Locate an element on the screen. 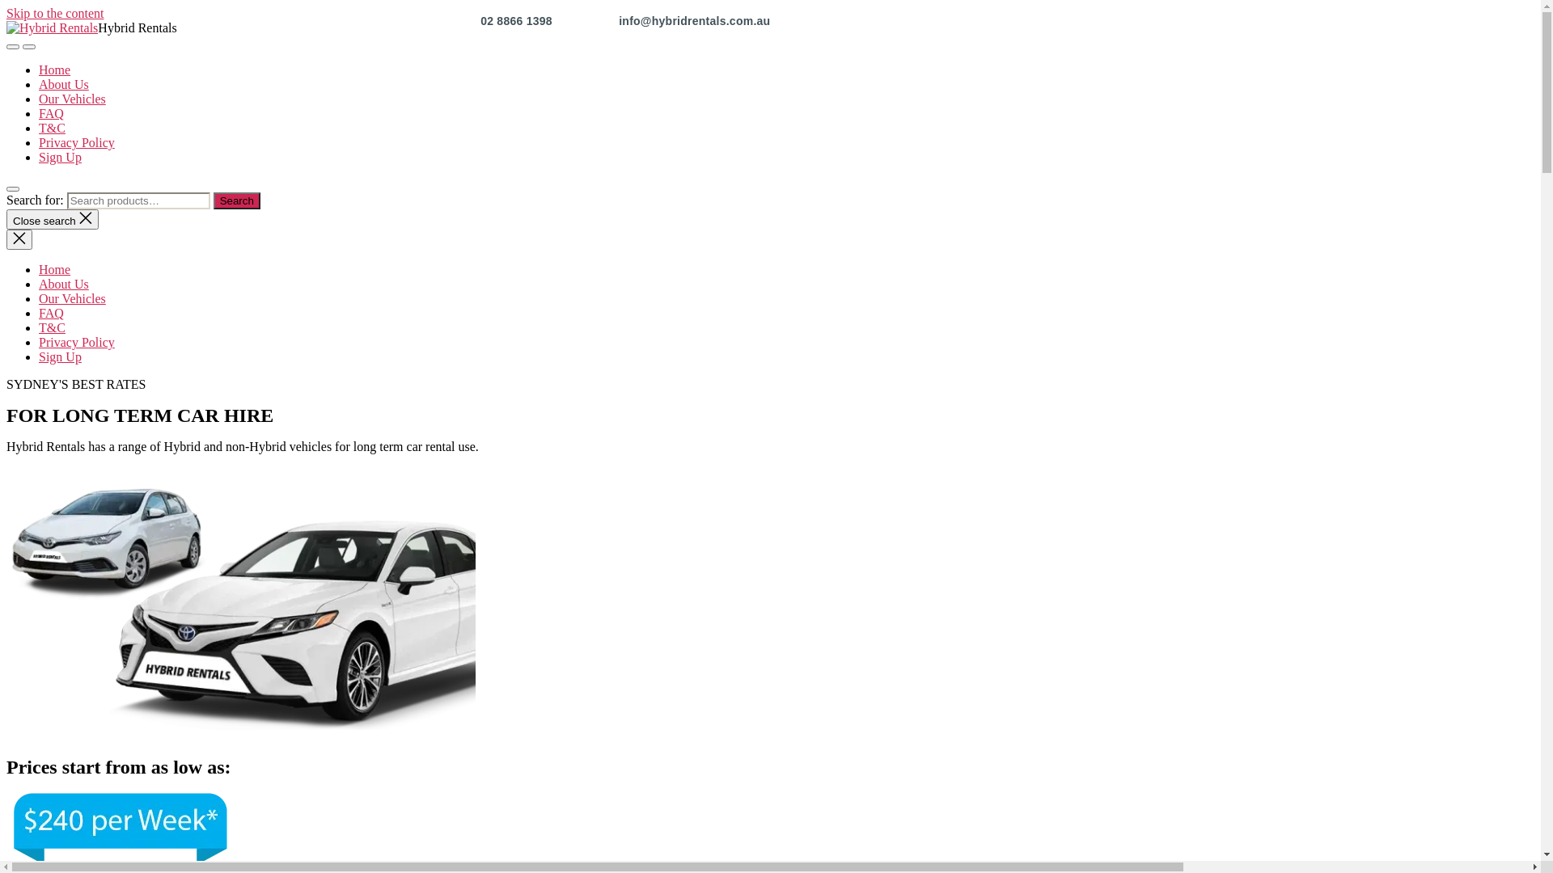 This screenshot has width=1553, height=873. 'Skip to the content' is located at coordinates (54, 13).